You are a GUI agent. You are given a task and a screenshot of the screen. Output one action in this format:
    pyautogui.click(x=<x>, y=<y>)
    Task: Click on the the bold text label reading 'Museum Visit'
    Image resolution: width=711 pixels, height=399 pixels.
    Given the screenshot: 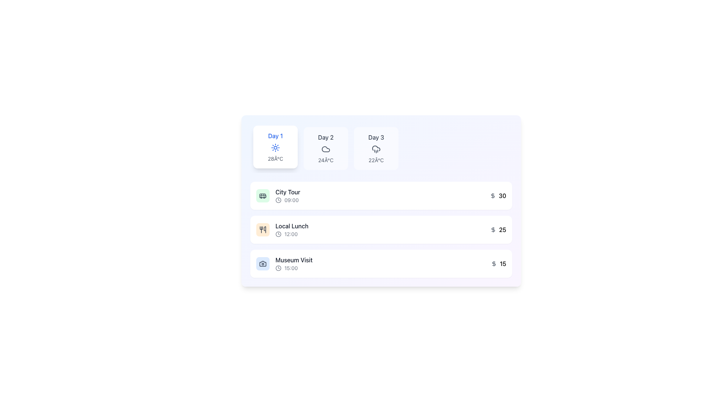 What is the action you would take?
    pyautogui.click(x=294, y=260)
    